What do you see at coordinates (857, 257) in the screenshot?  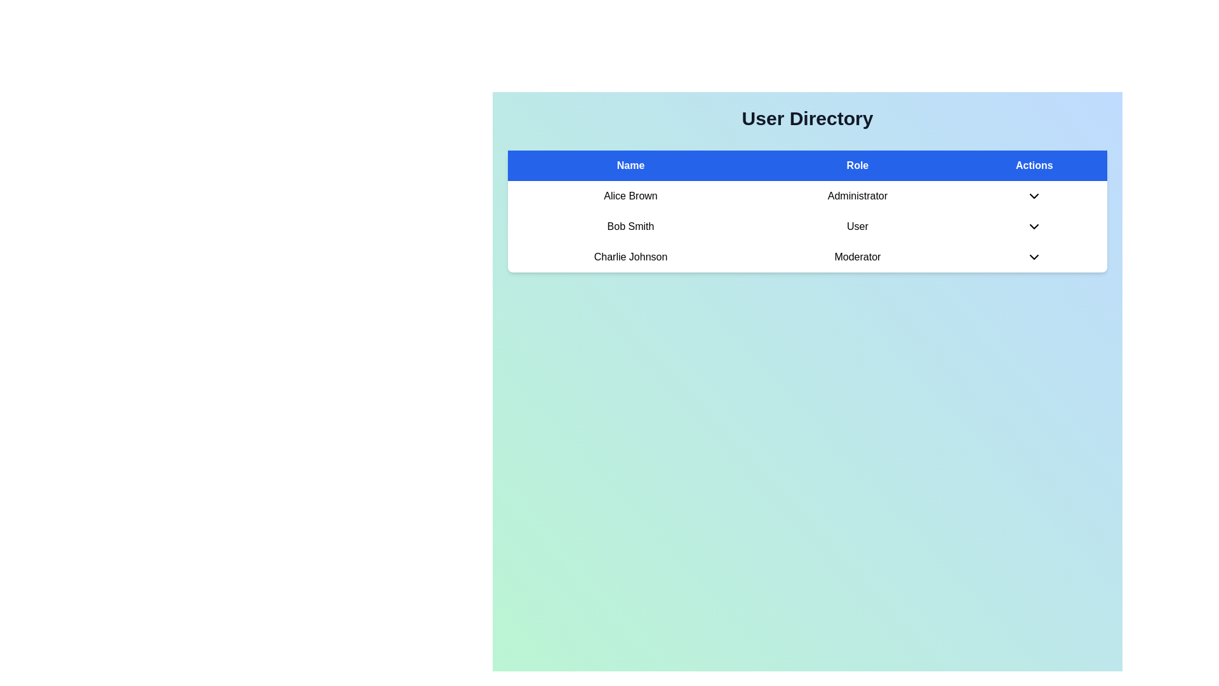 I see `the informational text label displaying the role of user 'Charlie Johnson' as 'Moderator', located in the second cell of the third row within the 'Role' table` at bounding box center [857, 257].